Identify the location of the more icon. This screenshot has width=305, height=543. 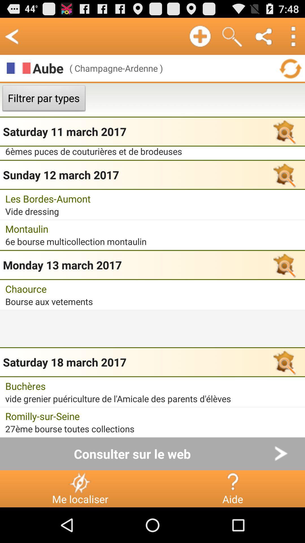
(293, 38).